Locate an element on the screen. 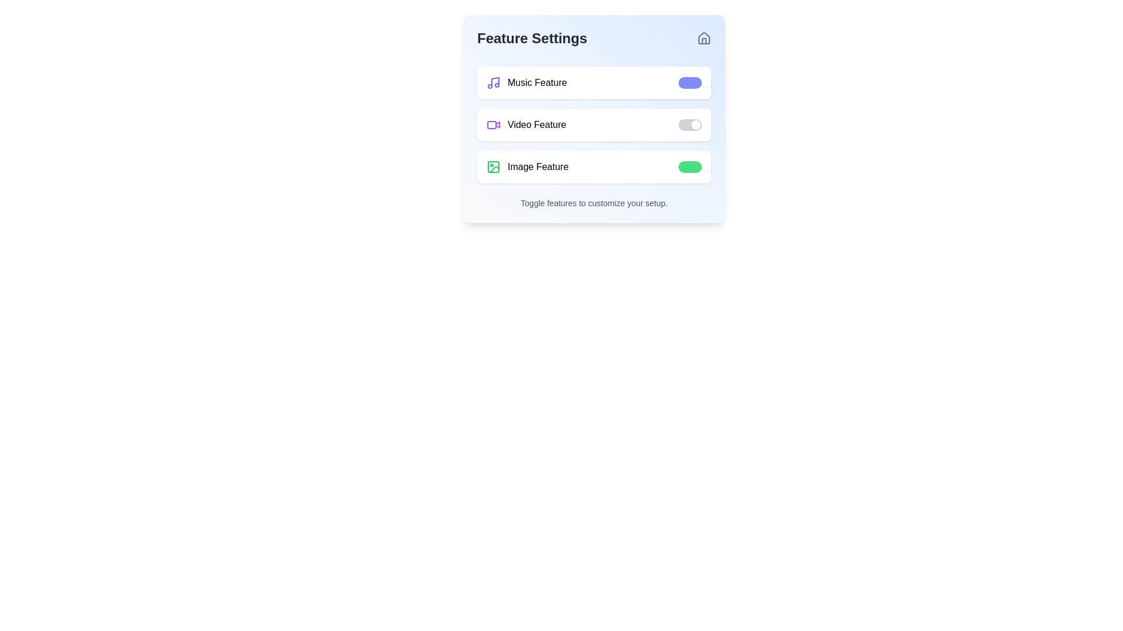  the 'Video Feature' label which includes a purple video camera icon, located in the middle of the list within the 'Feature Settings' card is located at coordinates (526, 124).